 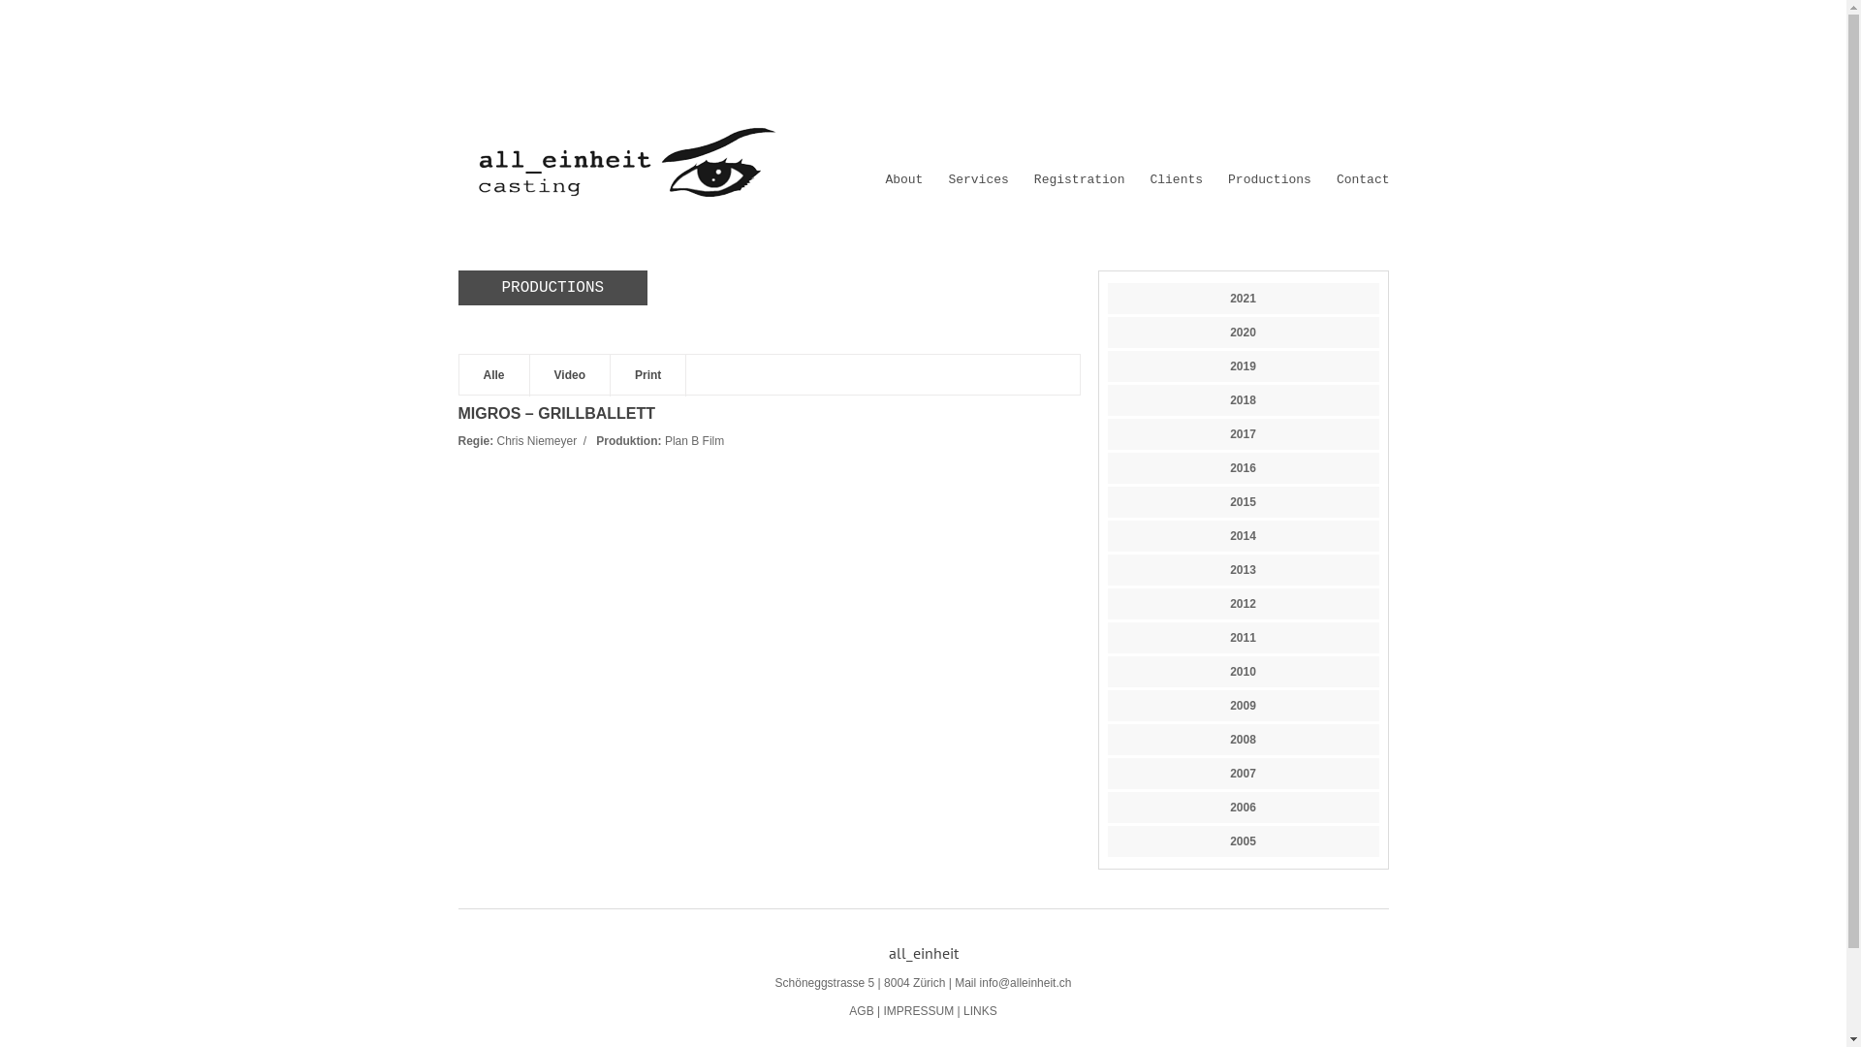 What do you see at coordinates (1242, 535) in the screenshot?
I see `'2014'` at bounding box center [1242, 535].